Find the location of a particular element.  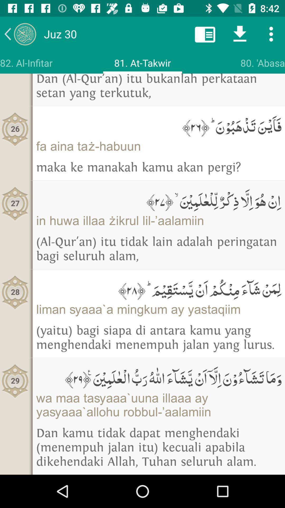

item to the right of the 26 icon is located at coordinates (158, 146).